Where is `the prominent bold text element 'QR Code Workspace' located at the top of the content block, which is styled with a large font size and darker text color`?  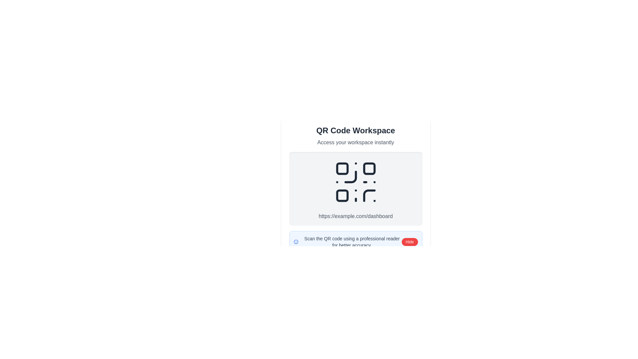
the prominent bold text element 'QR Code Workspace' located at the top of the content block, which is styled with a large font size and darker text color is located at coordinates (355, 131).